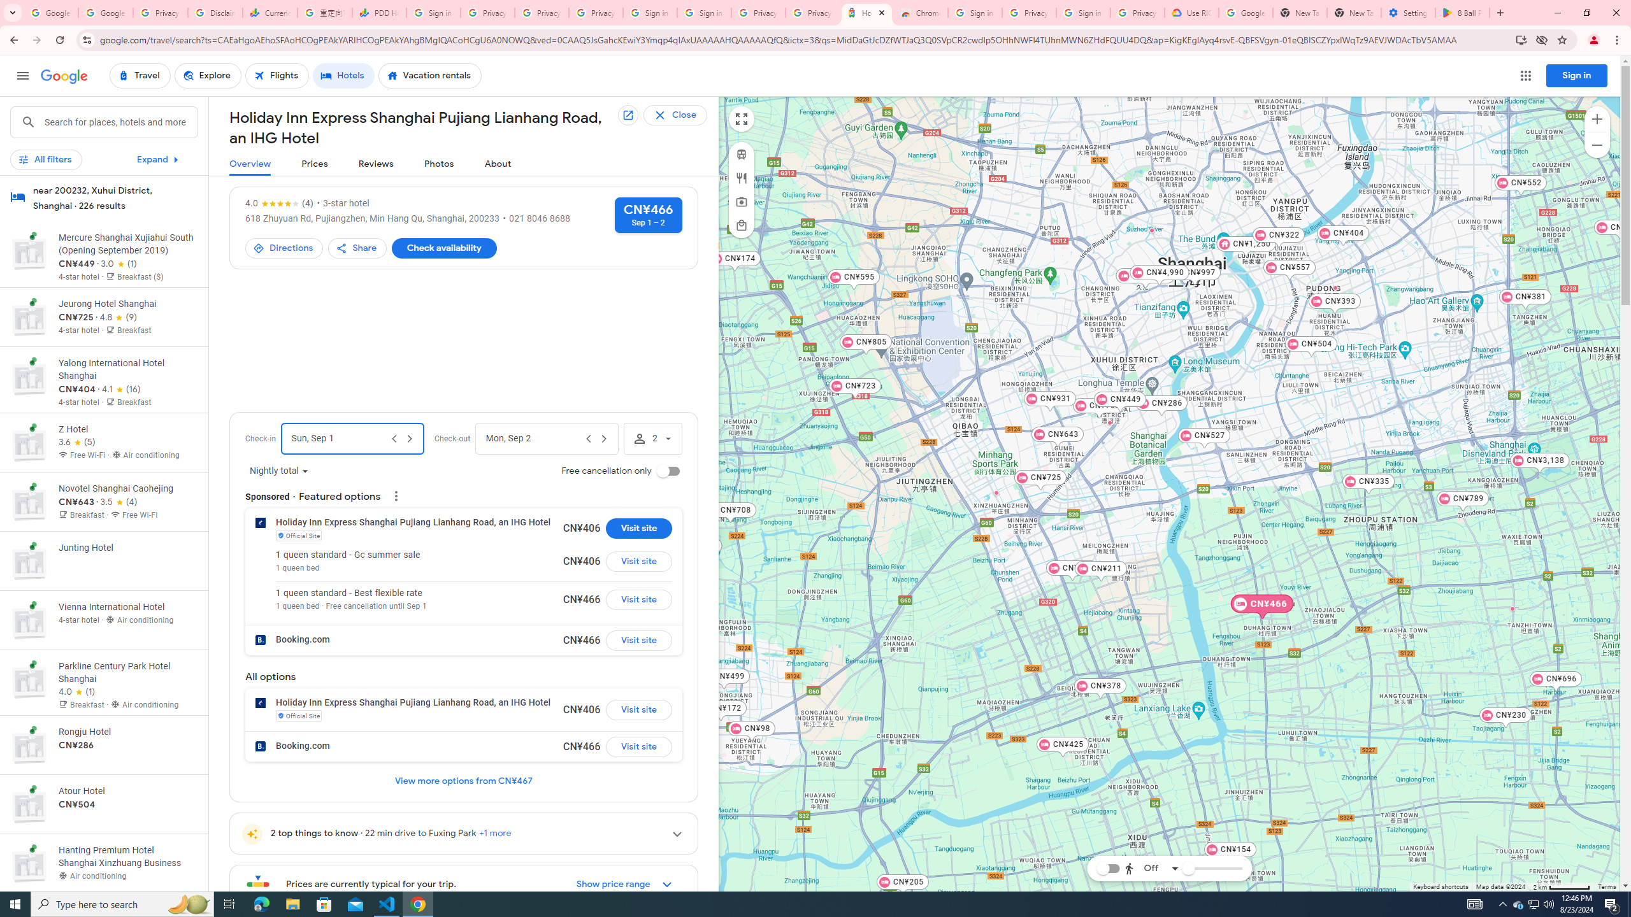 The height and width of the screenshot is (917, 1631). I want to click on 'Toggle reachability layer', so click(1107, 868).